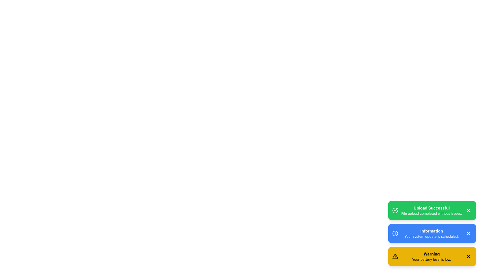 The height and width of the screenshot is (270, 480). I want to click on the blue 'X' icon button on the right edge of the 'Information: Your system update is scheduled' notification, so click(468, 233).